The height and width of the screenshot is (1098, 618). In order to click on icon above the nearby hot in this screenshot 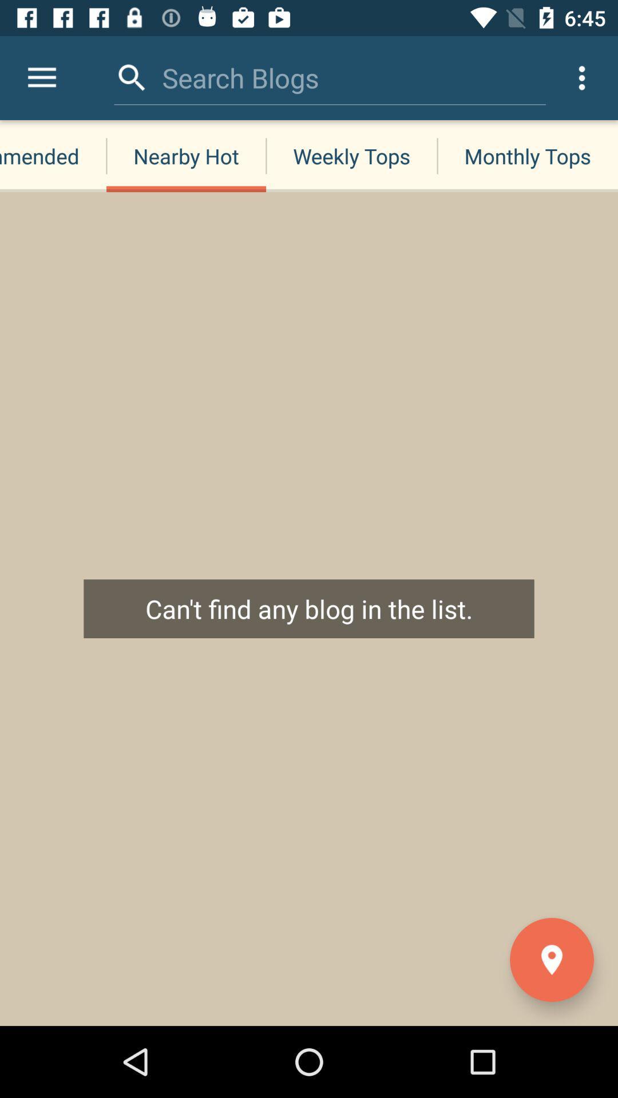, I will do `click(240, 77)`.